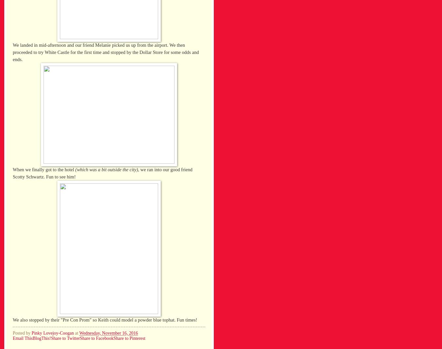 This screenshot has width=442, height=349. What do you see at coordinates (129, 338) in the screenshot?
I see `'Share to Pinterest'` at bounding box center [129, 338].